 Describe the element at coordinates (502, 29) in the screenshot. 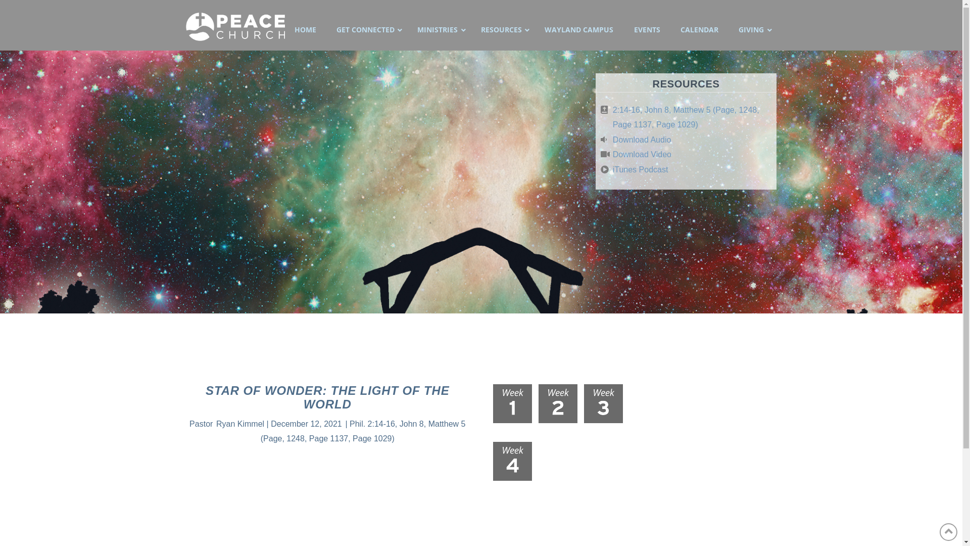

I see `'RESOURCES'` at that location.